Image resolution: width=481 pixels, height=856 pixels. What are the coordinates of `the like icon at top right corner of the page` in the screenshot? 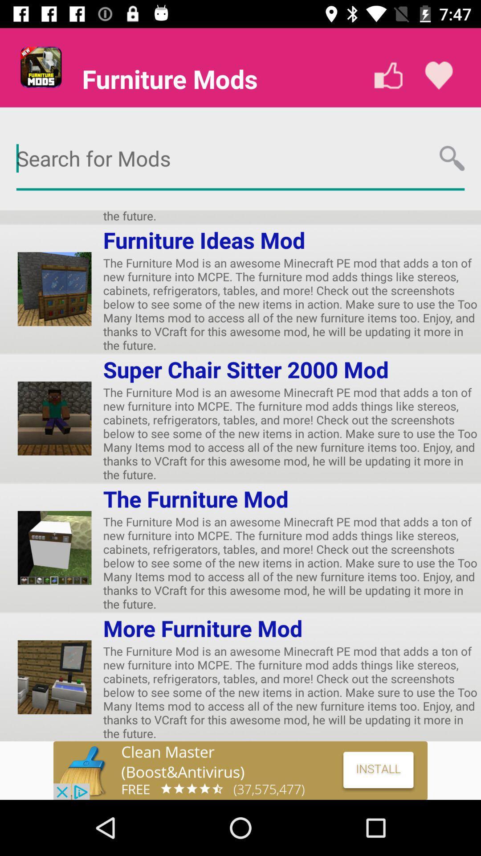 It's located at (438, 75).